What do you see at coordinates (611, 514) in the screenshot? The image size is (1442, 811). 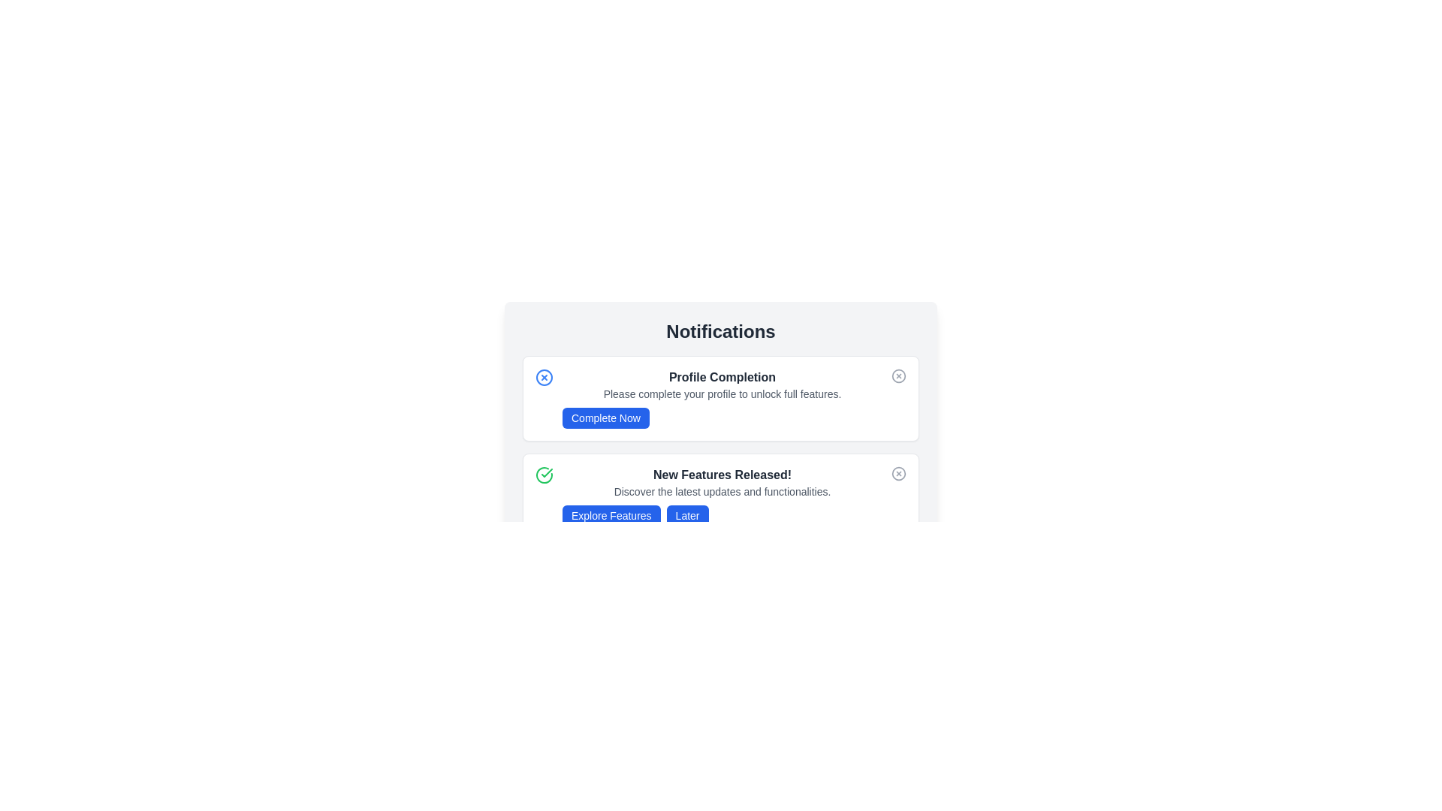 I see `the action button Explore Features within a notification` at bounding box center [611, 514].